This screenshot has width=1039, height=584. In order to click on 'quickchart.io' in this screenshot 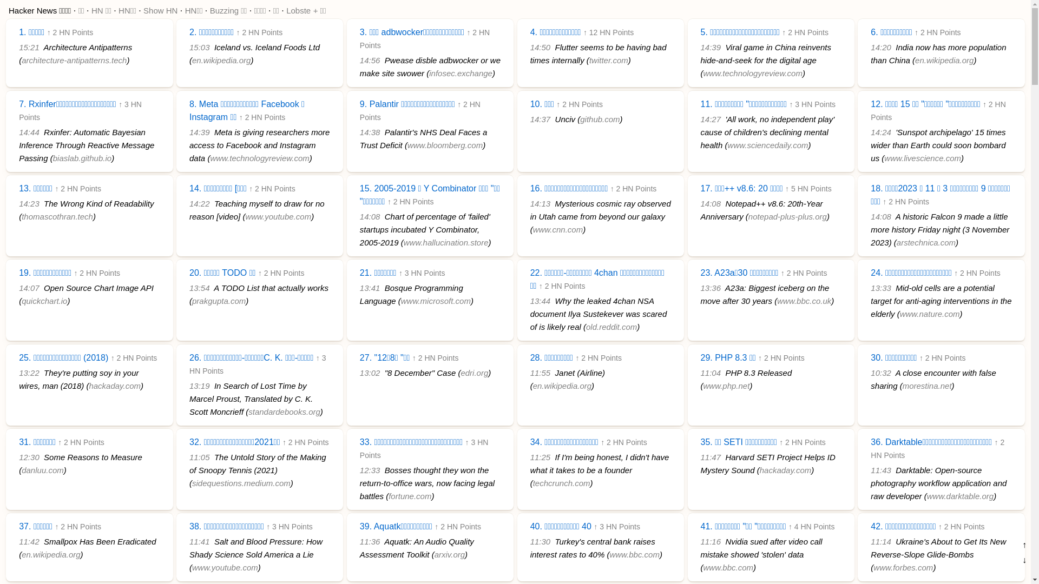, I will do `click(21, 301)`.